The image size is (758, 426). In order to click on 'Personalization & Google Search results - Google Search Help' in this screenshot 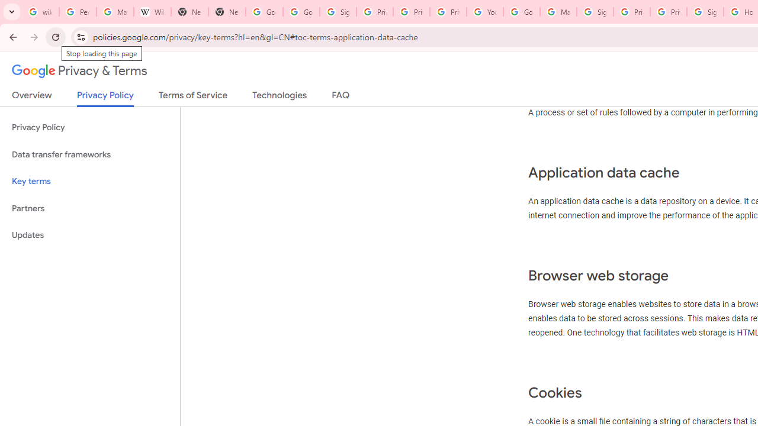, I will do `click(77, 12)`.